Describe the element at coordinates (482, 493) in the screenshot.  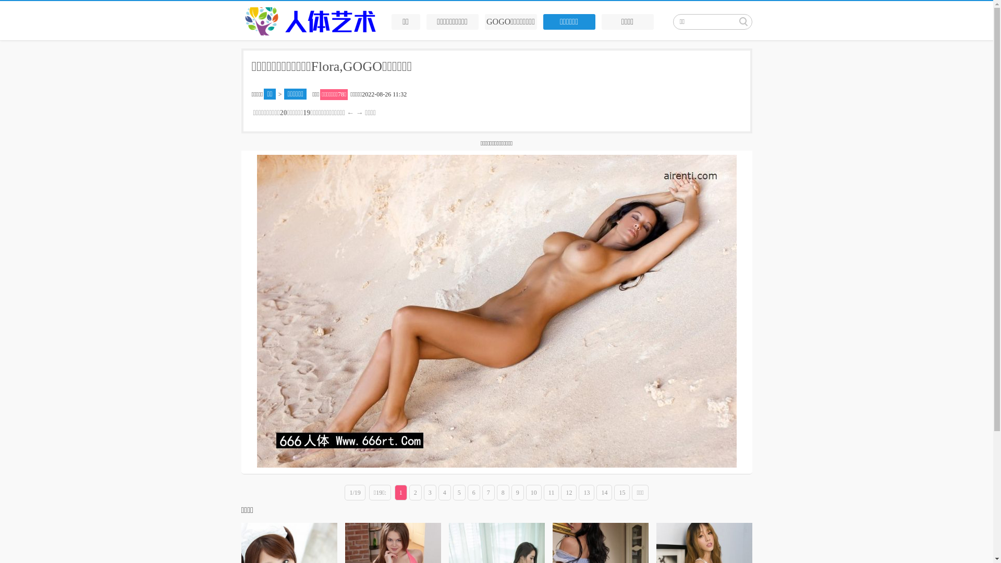
I see `'7'` at that location.